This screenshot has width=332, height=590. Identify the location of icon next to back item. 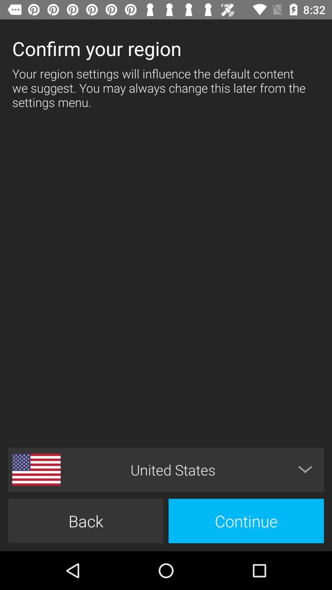
(246, 521).